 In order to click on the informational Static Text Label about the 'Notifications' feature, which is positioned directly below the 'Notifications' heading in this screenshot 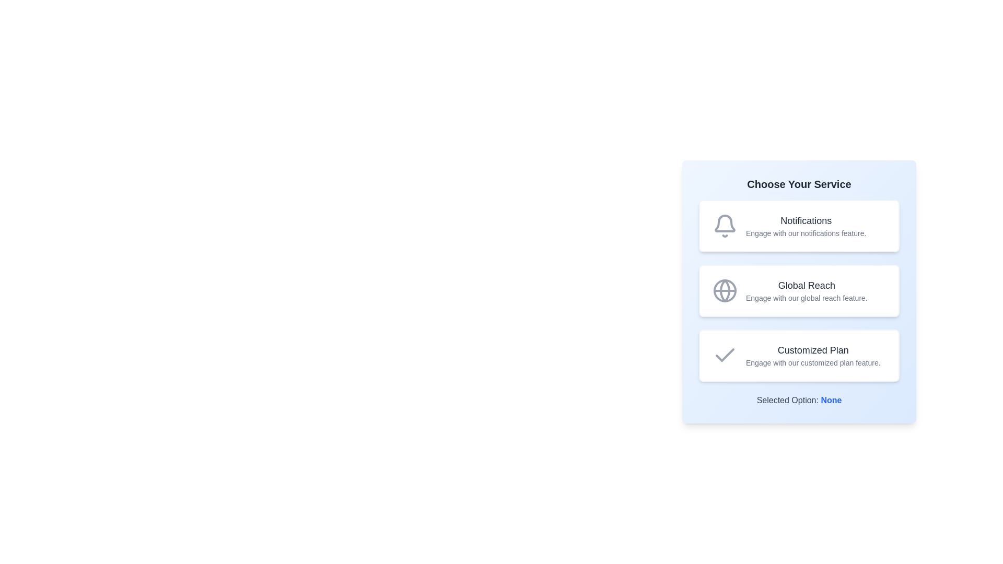, I will do `click(806, 233)`.